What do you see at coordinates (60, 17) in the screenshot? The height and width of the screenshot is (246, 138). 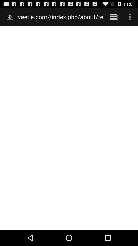 I see `the veetle com index icon` at bounding box center [60, 17].